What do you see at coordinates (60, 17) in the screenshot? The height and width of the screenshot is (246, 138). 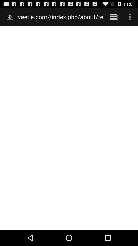 I see `the veetle com index icon` at bounding box center [60, 17].